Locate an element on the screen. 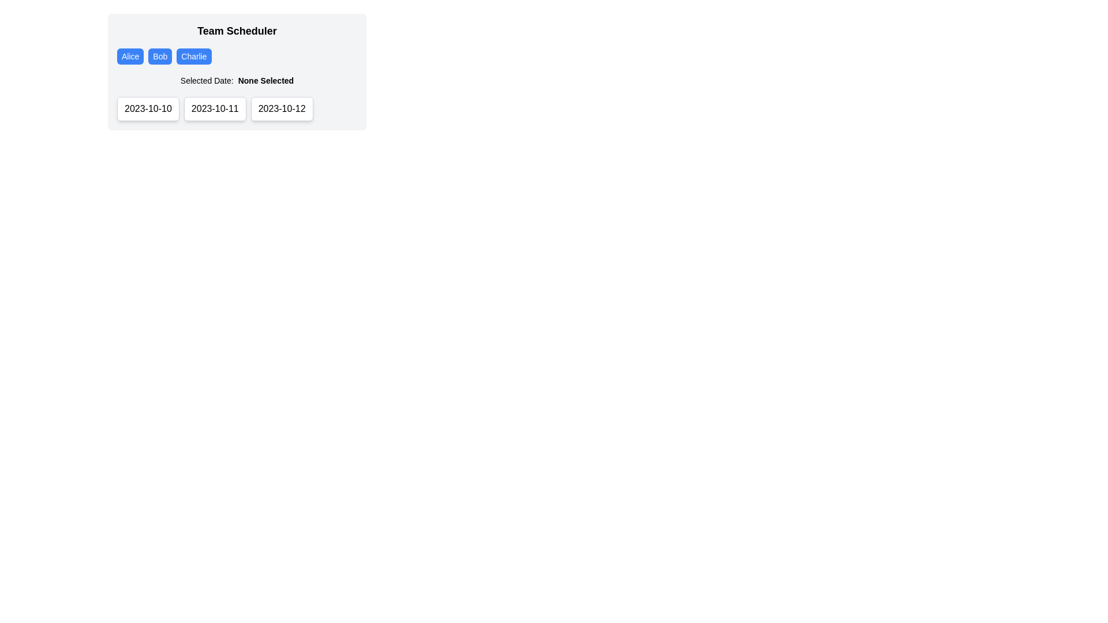 Image resolution: width=1108 pixels, height=623 pixels. the 'Bob' button, which is a small rectangular button with a blue background and white text is located at coordinates (159, 56).